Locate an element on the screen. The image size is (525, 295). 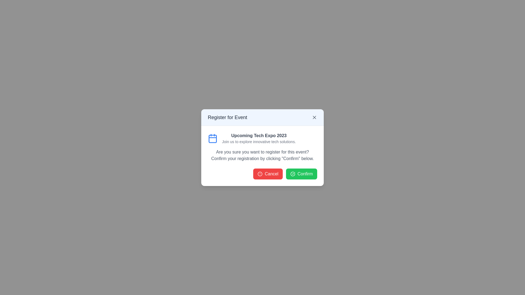
the 'Cancel' button in the button group at the bottom of the registration dialog to abort the registration process is located at coordinates (262, 174).